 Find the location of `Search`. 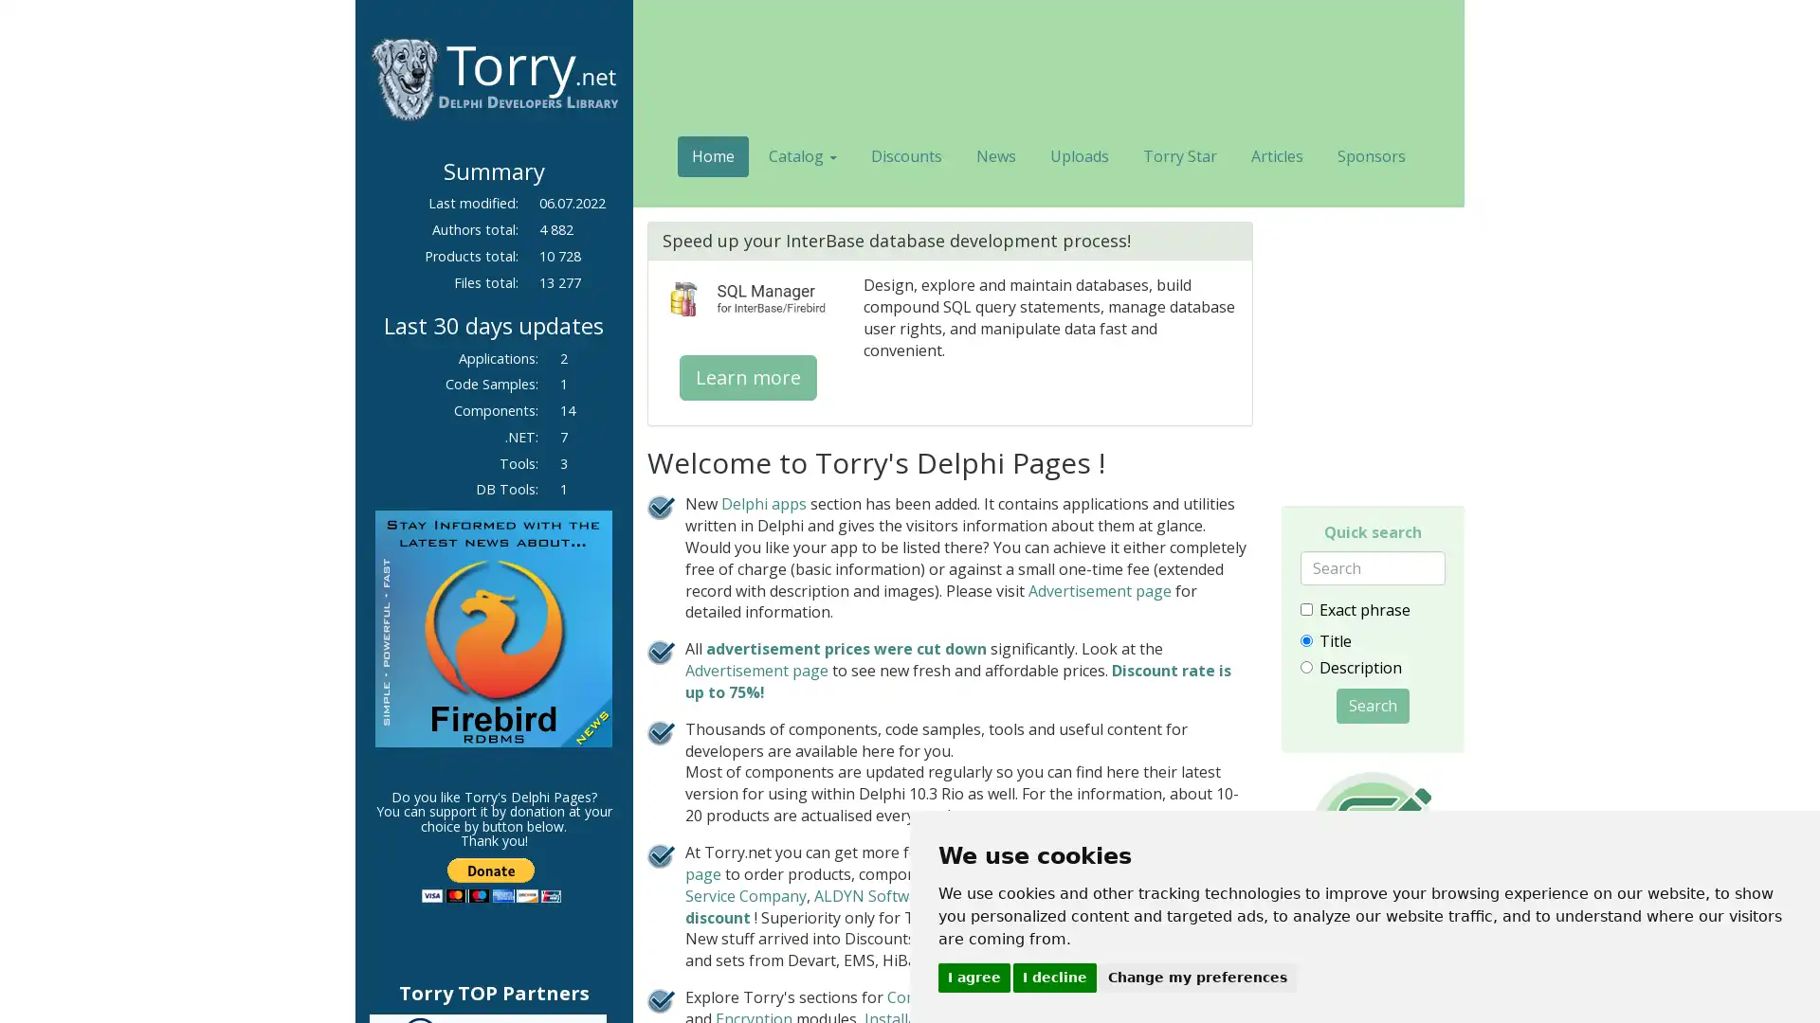

Search is located at coordinates (1372, 705).